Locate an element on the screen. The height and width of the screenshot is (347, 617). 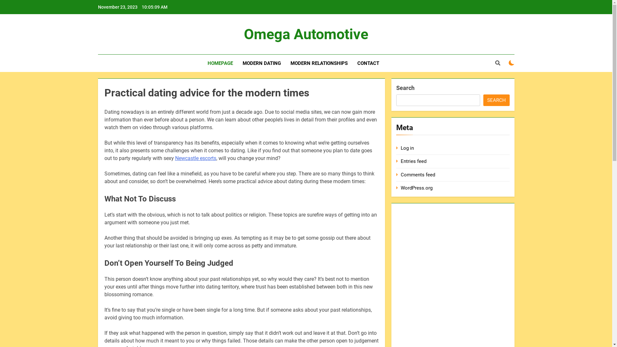
'Comments feed' is located at coordinates (418, 174).